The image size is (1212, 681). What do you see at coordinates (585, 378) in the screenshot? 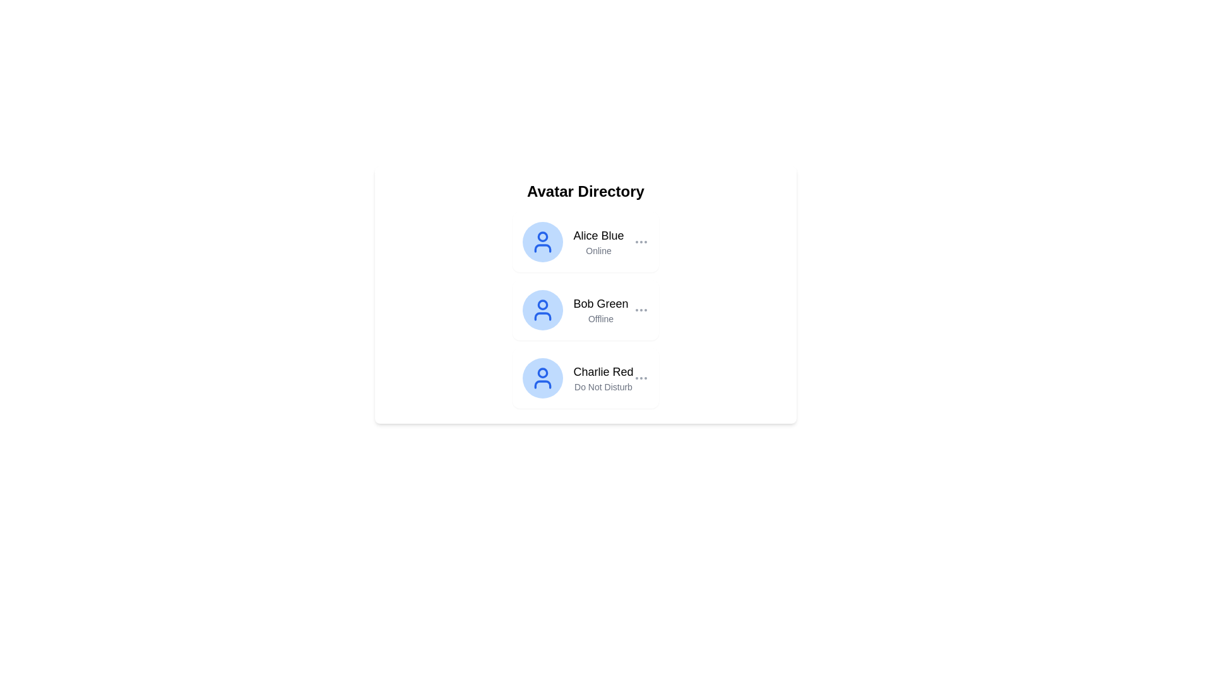
I see `the third user profile entry in the Avatar Directory list` at bounding box center [585, 378].